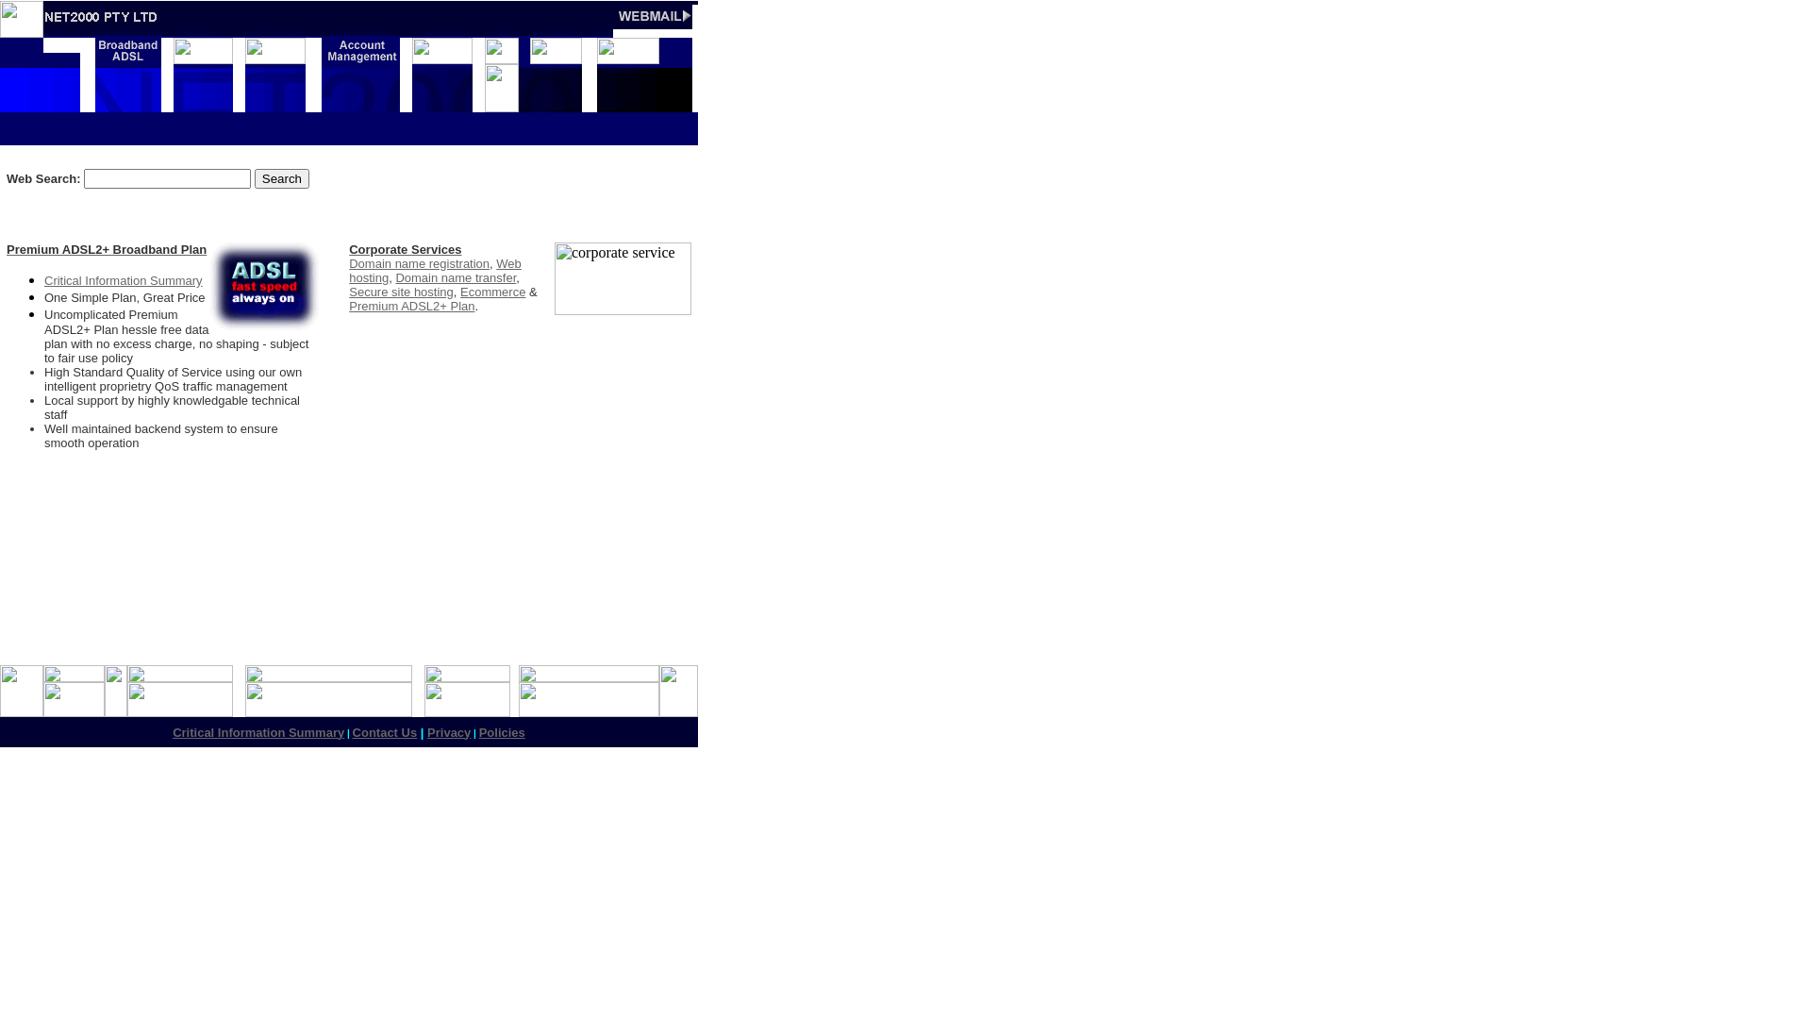 This screenshot has width=1811, height=1019. What do you see at coordinates (492, 292) in the screenshot?
I see `'Ecommerce'` at bounding box center [492, 292].